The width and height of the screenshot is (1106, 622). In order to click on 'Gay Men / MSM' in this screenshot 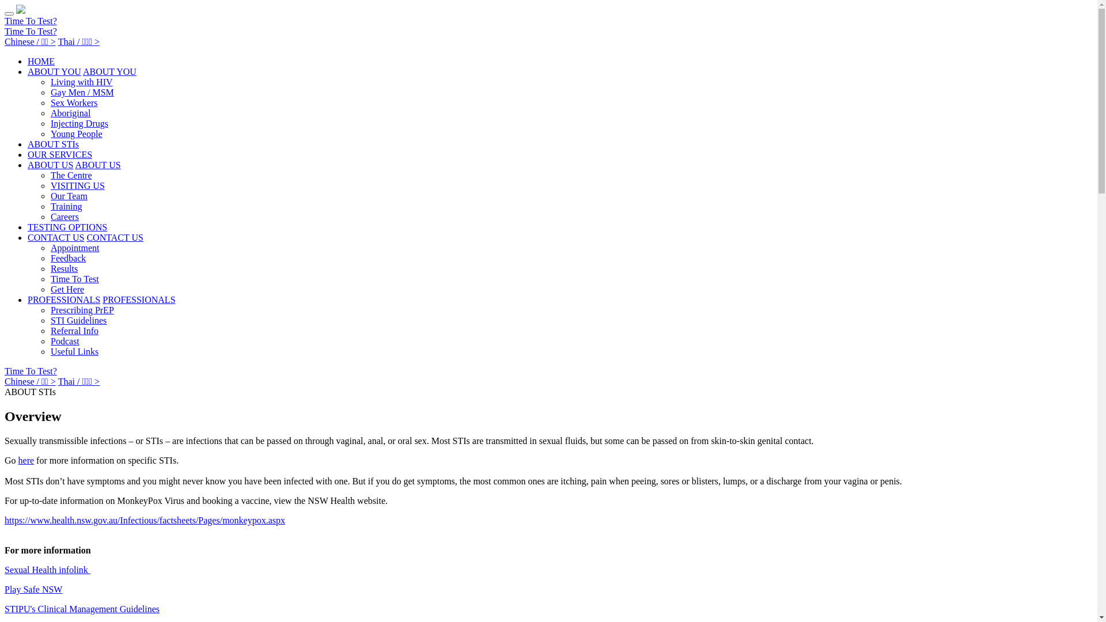, I will do `click(82, 92)`.